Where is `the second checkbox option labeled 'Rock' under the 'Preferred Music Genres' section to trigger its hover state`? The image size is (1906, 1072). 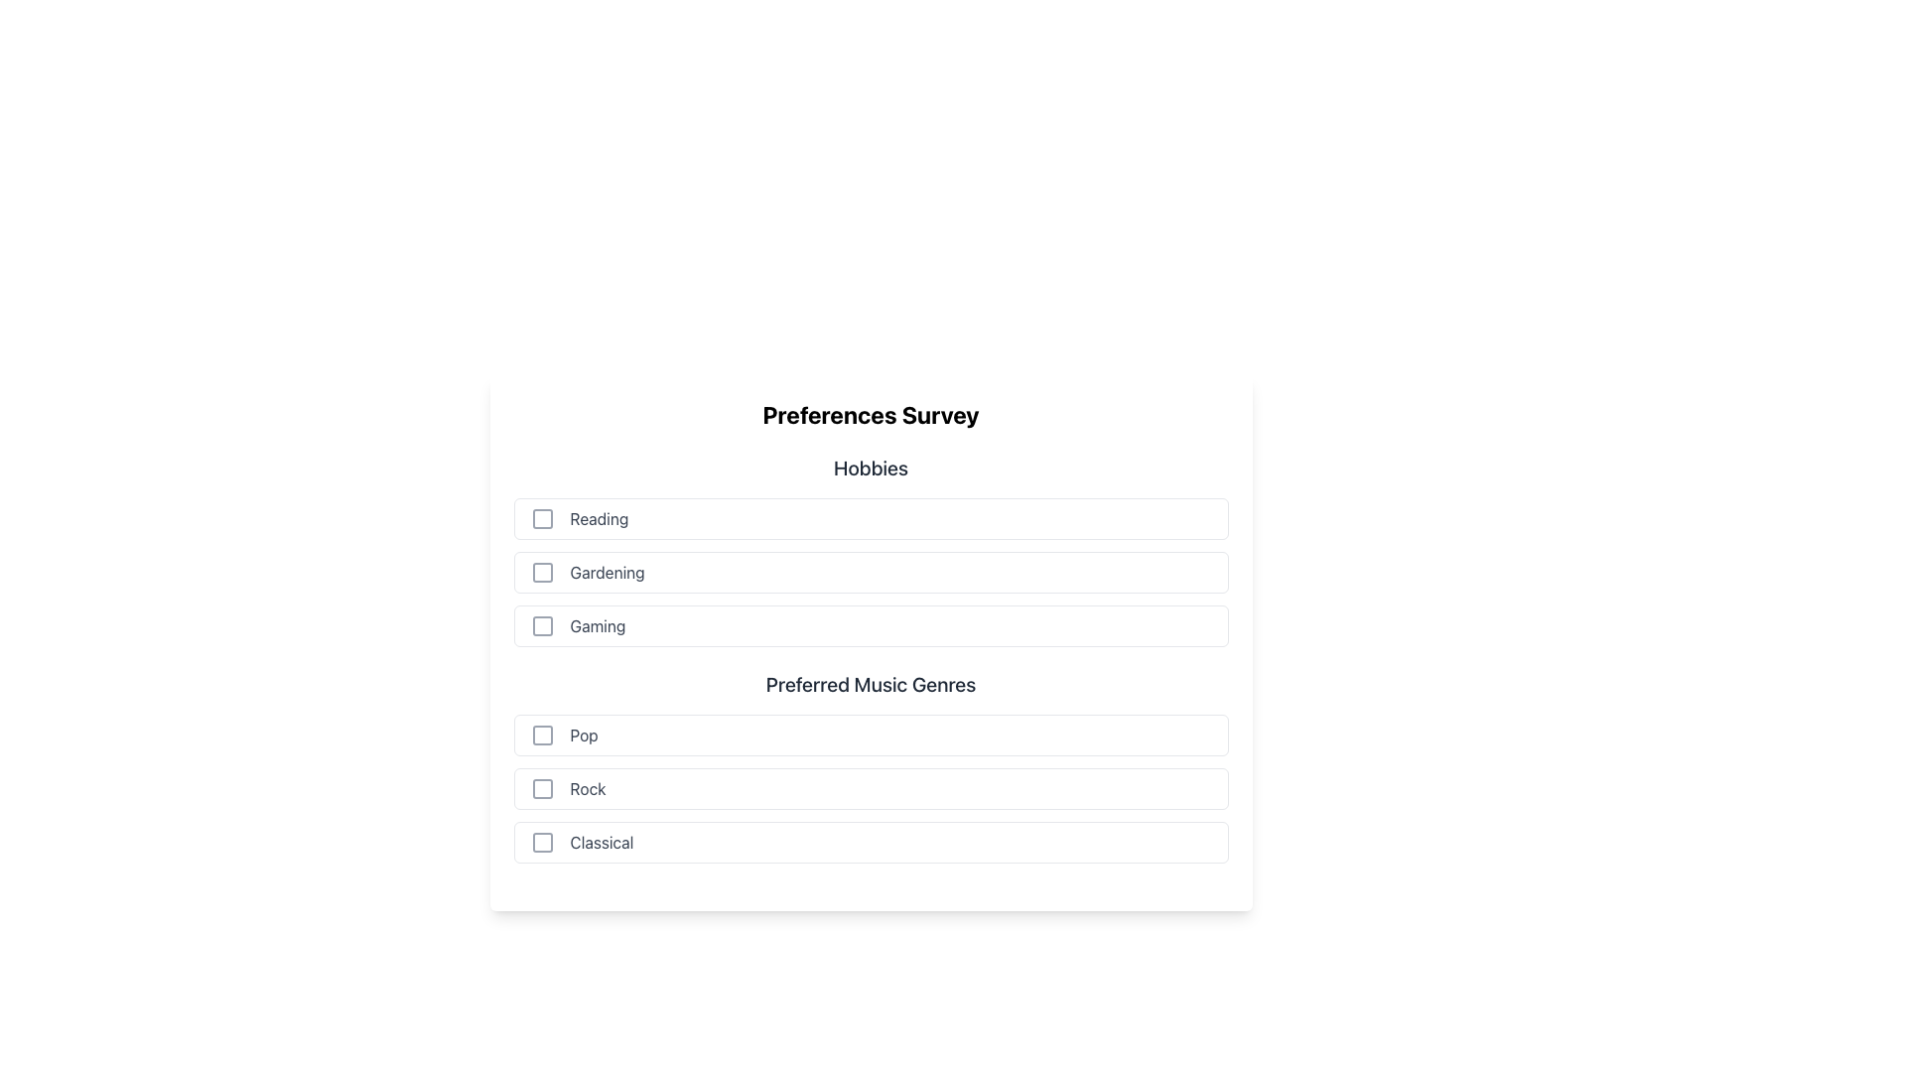
the second checkbox option labeled 'Rock' under the 'Preferred Music Genres' section to trigger its hover state is located at coordinates (871, 787).